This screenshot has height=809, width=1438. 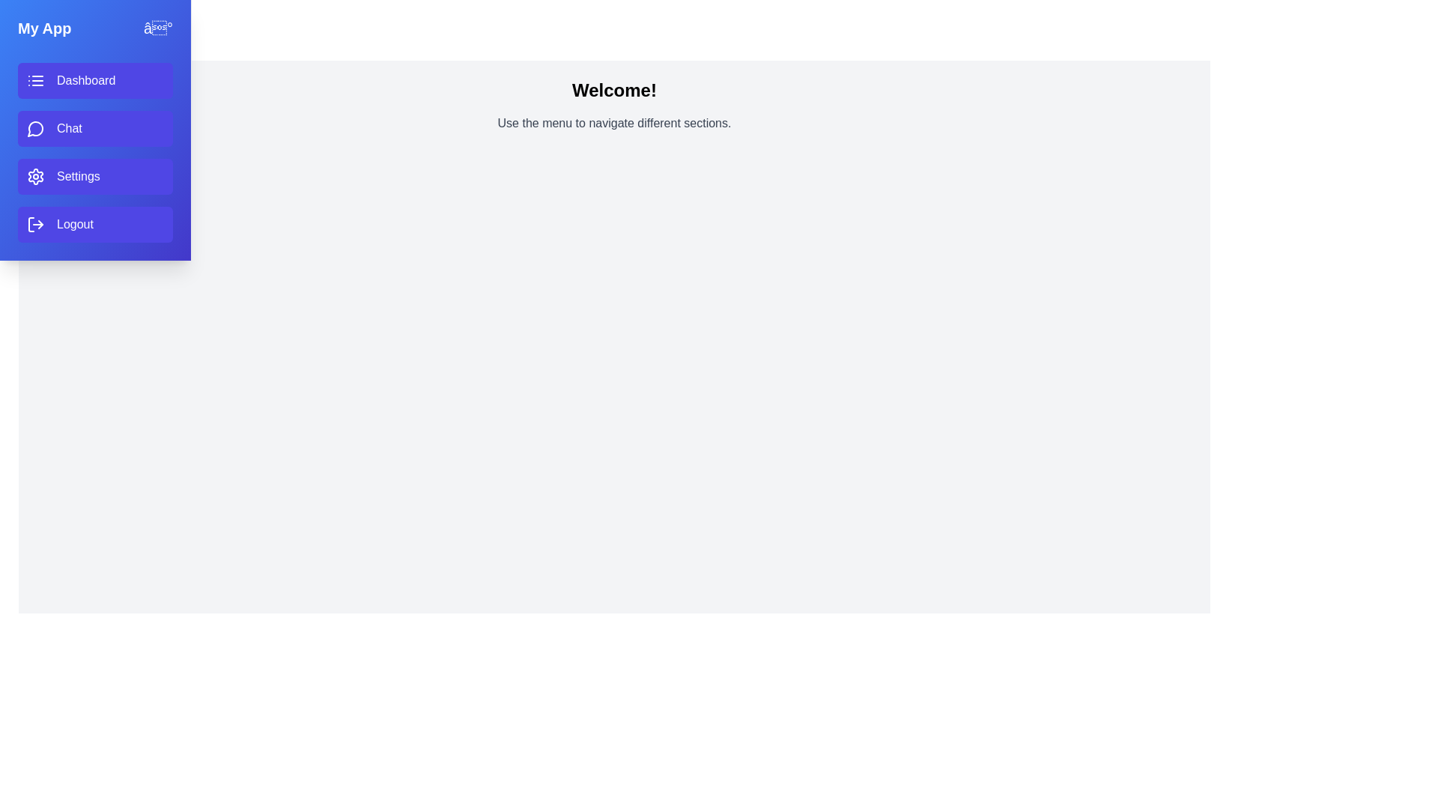 I want to click on the menu item labeled Settings to preview its action, so click(x=94, y=175).